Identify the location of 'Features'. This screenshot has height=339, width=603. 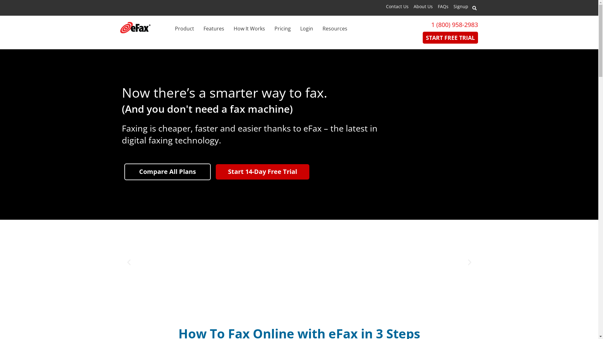
(214, 29).